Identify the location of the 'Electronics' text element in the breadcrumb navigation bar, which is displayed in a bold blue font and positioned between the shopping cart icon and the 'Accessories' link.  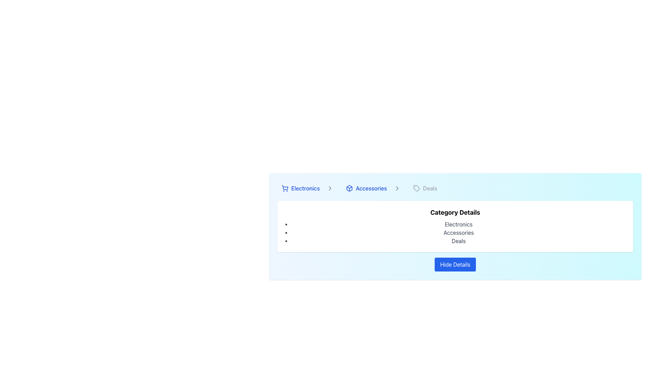
(305, 188).